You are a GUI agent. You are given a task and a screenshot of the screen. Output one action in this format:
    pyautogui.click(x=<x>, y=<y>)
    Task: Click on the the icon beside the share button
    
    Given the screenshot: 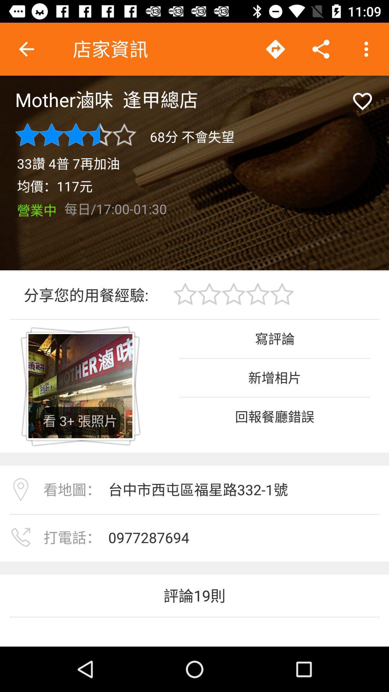 What is the action you would take?
    pyautogui.click(x=275, y=49)
    